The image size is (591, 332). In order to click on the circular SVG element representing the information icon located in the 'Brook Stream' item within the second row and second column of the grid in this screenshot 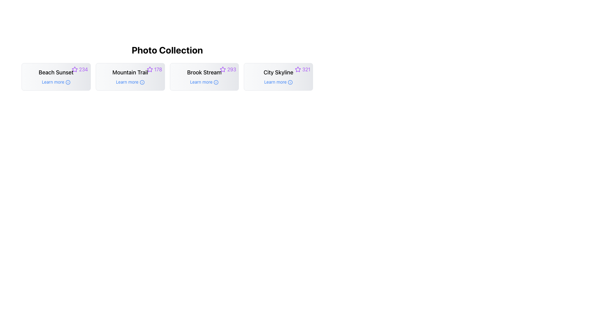, I will do `click(216, 82)`.